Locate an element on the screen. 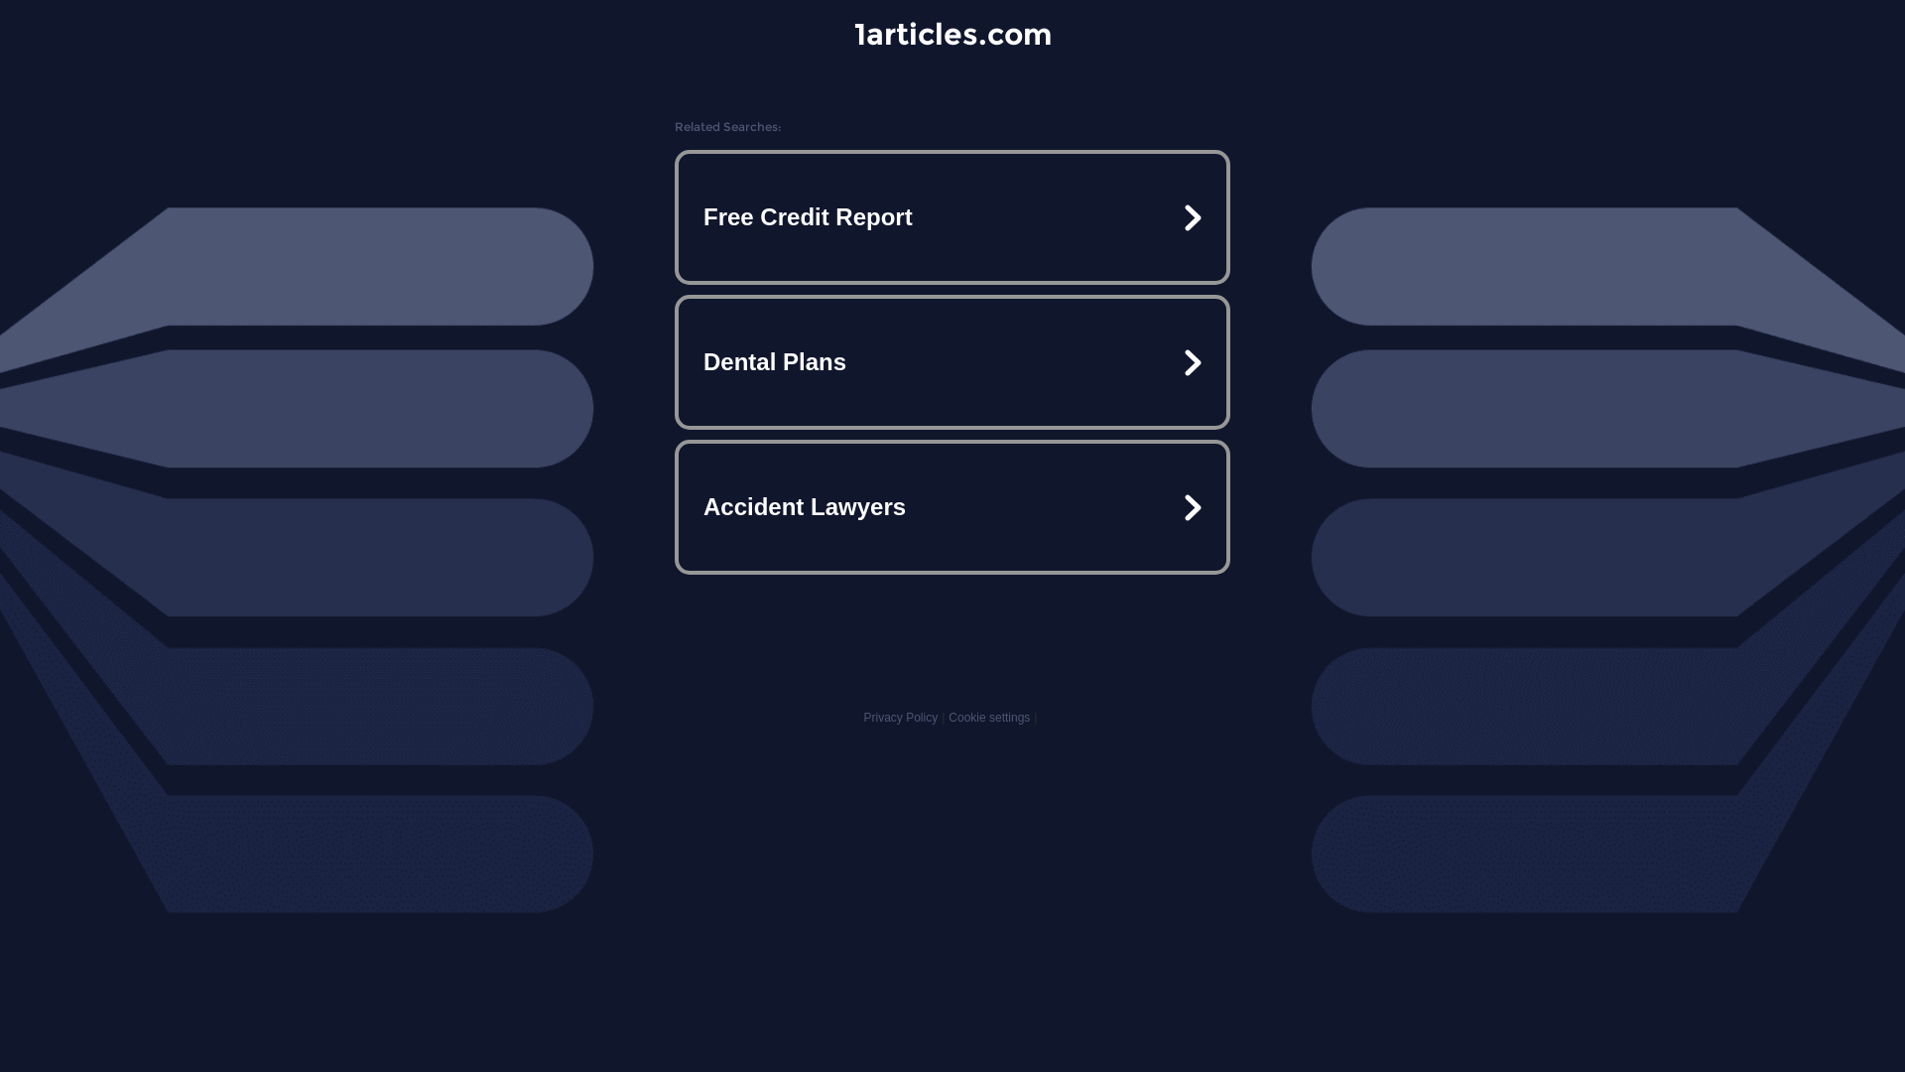 Image resolution: width=1905 pixels, height=1072 pixels. 'Accident Lawyers' is located at coordinates (952, 505).